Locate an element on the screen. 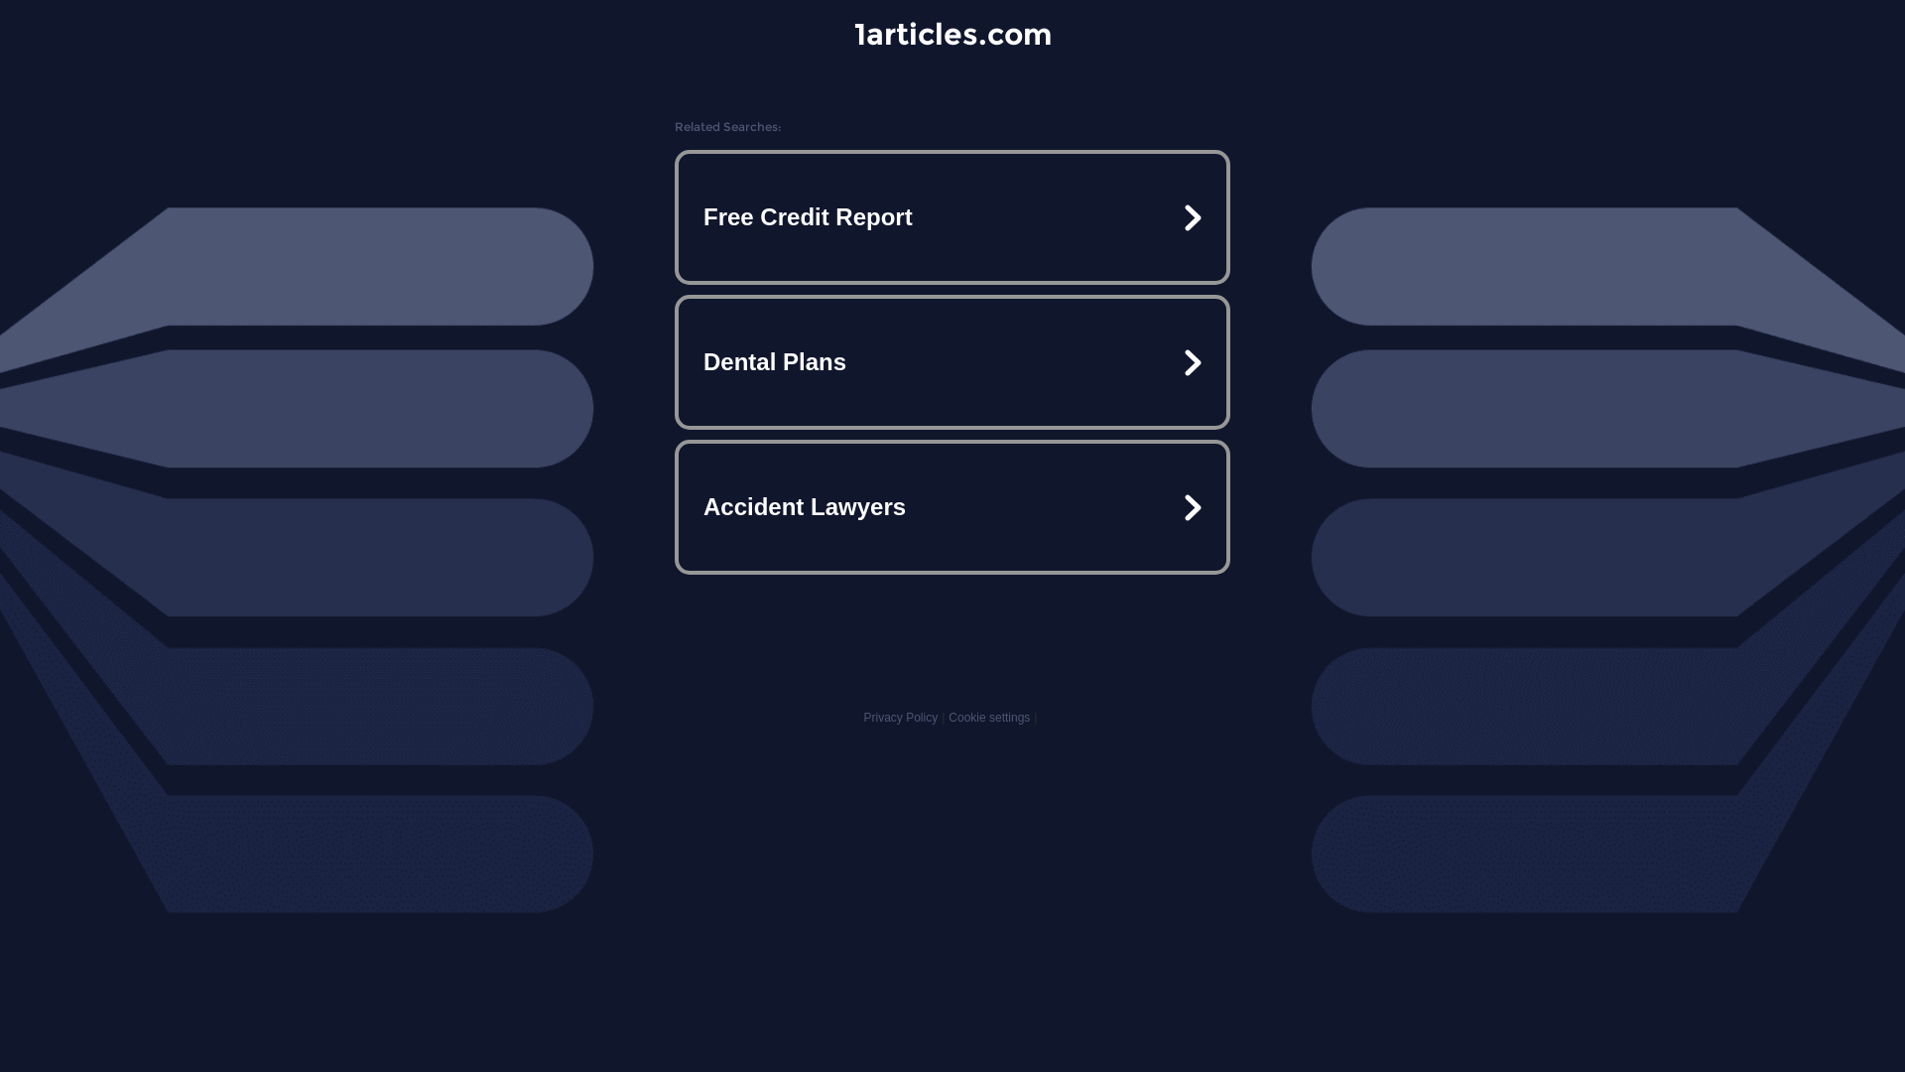 Image resolution: width=1905 pixels, height=1072 pixels. 'Accident Lawyers' is located at coordinates (952, 505).